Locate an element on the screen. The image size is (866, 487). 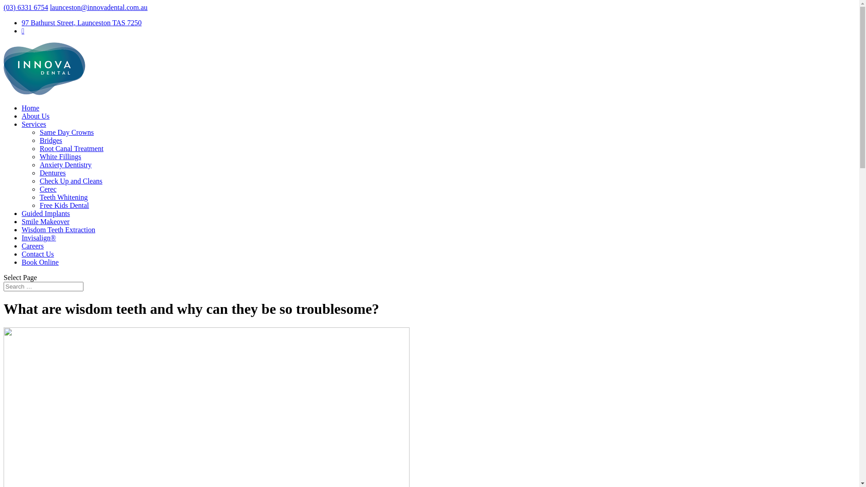
'Dentures' is located at coordinates (52, 173).